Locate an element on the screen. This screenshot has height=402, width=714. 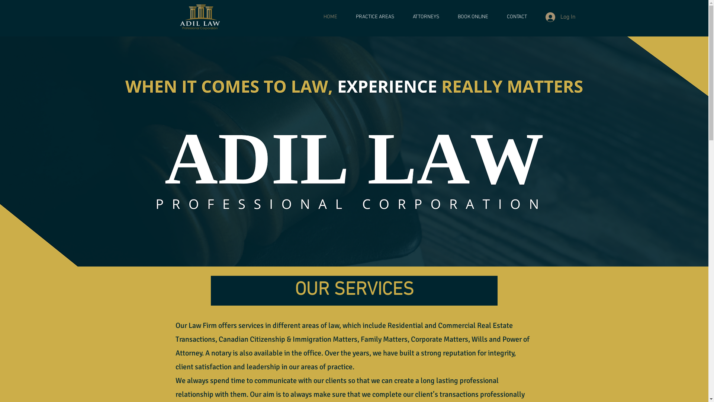
'CONTACT' is located at coordinates (517, 17).